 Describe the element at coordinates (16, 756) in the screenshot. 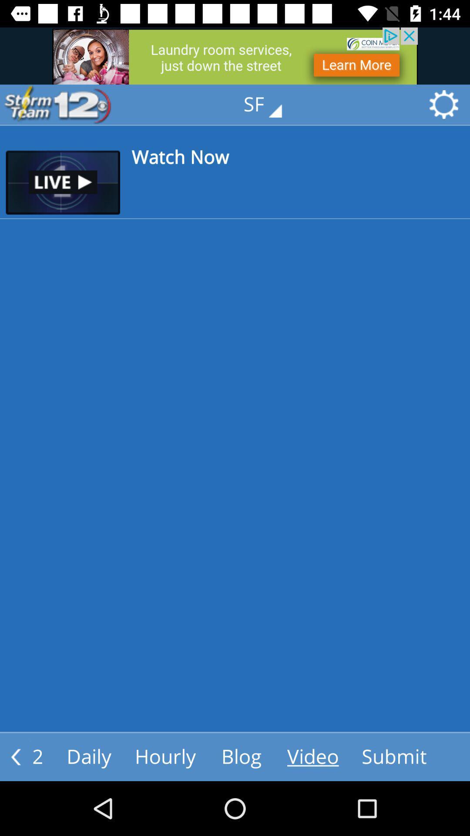

I see `the arrow_backward icon` at that location.